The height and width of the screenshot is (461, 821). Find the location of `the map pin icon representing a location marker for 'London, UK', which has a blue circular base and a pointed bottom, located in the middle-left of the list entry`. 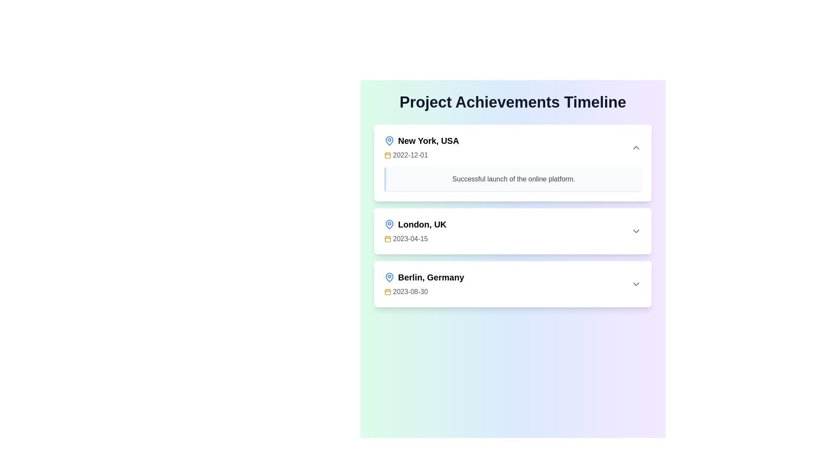

the map pin icon representing a location marker for 'London, UK', which has a blue circular base and a pointed bottom, located in the middle-left of the list entry is located at coordinates (389, 223).